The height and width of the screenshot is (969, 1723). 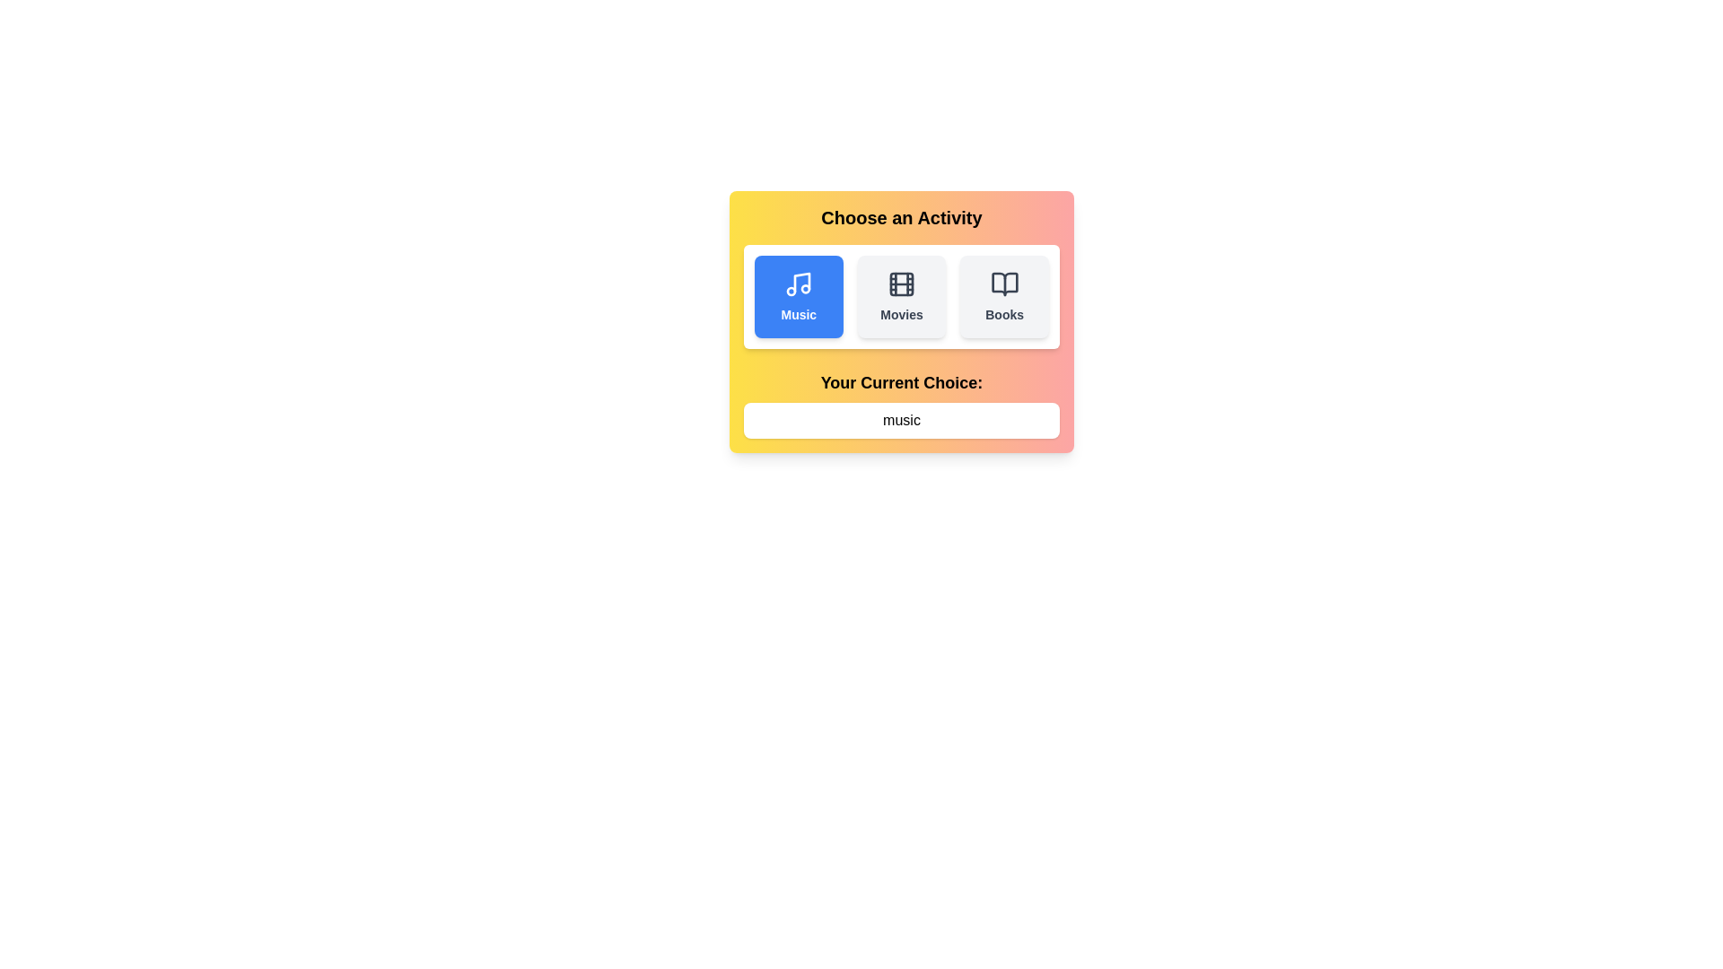 What do you see at coordinates (901, 296) in the screenshot?
I see `the activity button labeled Movies` at bounding box center [901, 296].